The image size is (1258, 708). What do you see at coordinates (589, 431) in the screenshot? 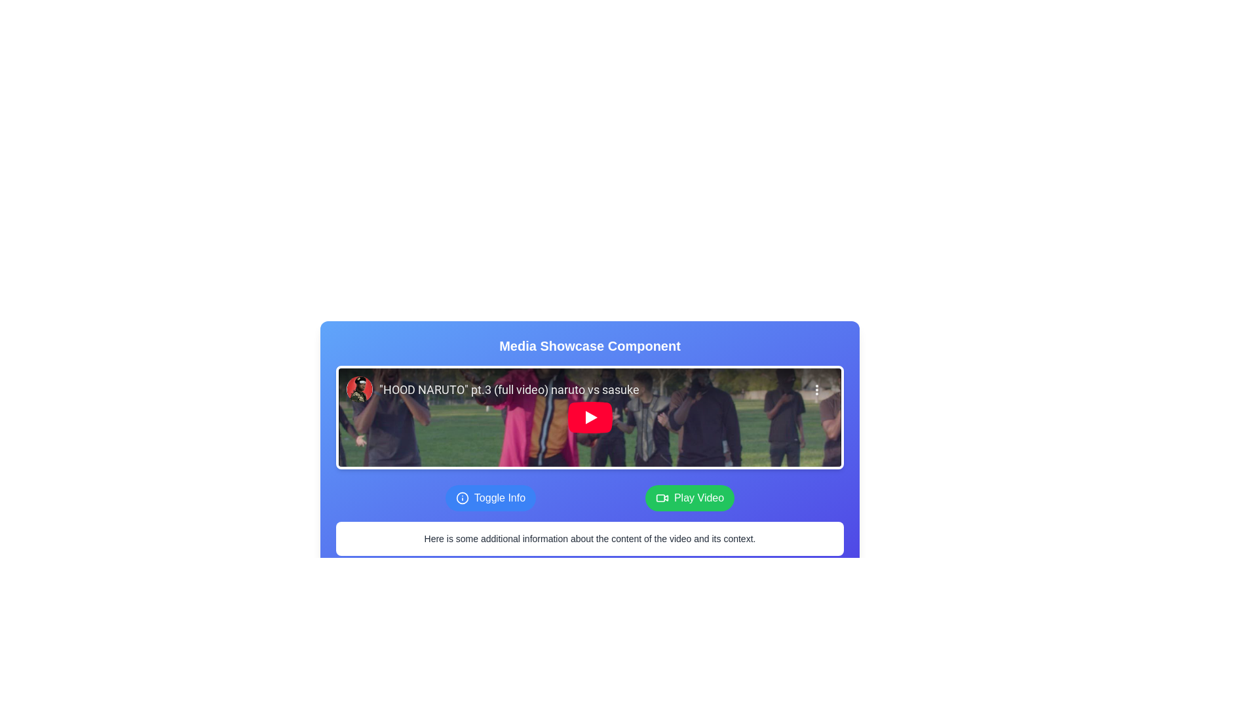
I see `the media showcase component that displays a video and its controls, located centrally in the interface` at bounding box center [589, 431].